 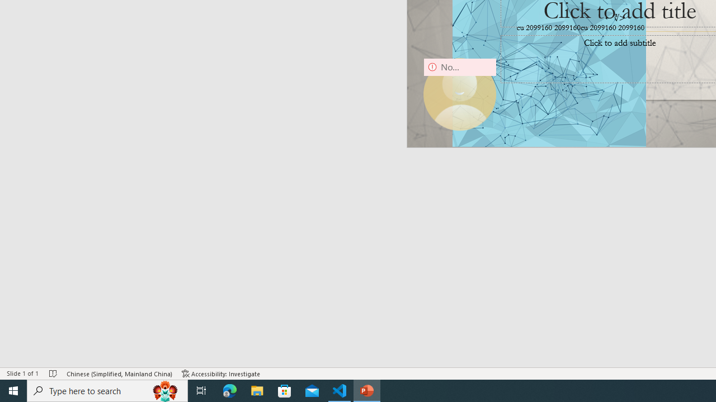 I want to click on 'Accessibility Checker Accessibility: Investigate', so click(x=221, y=374).